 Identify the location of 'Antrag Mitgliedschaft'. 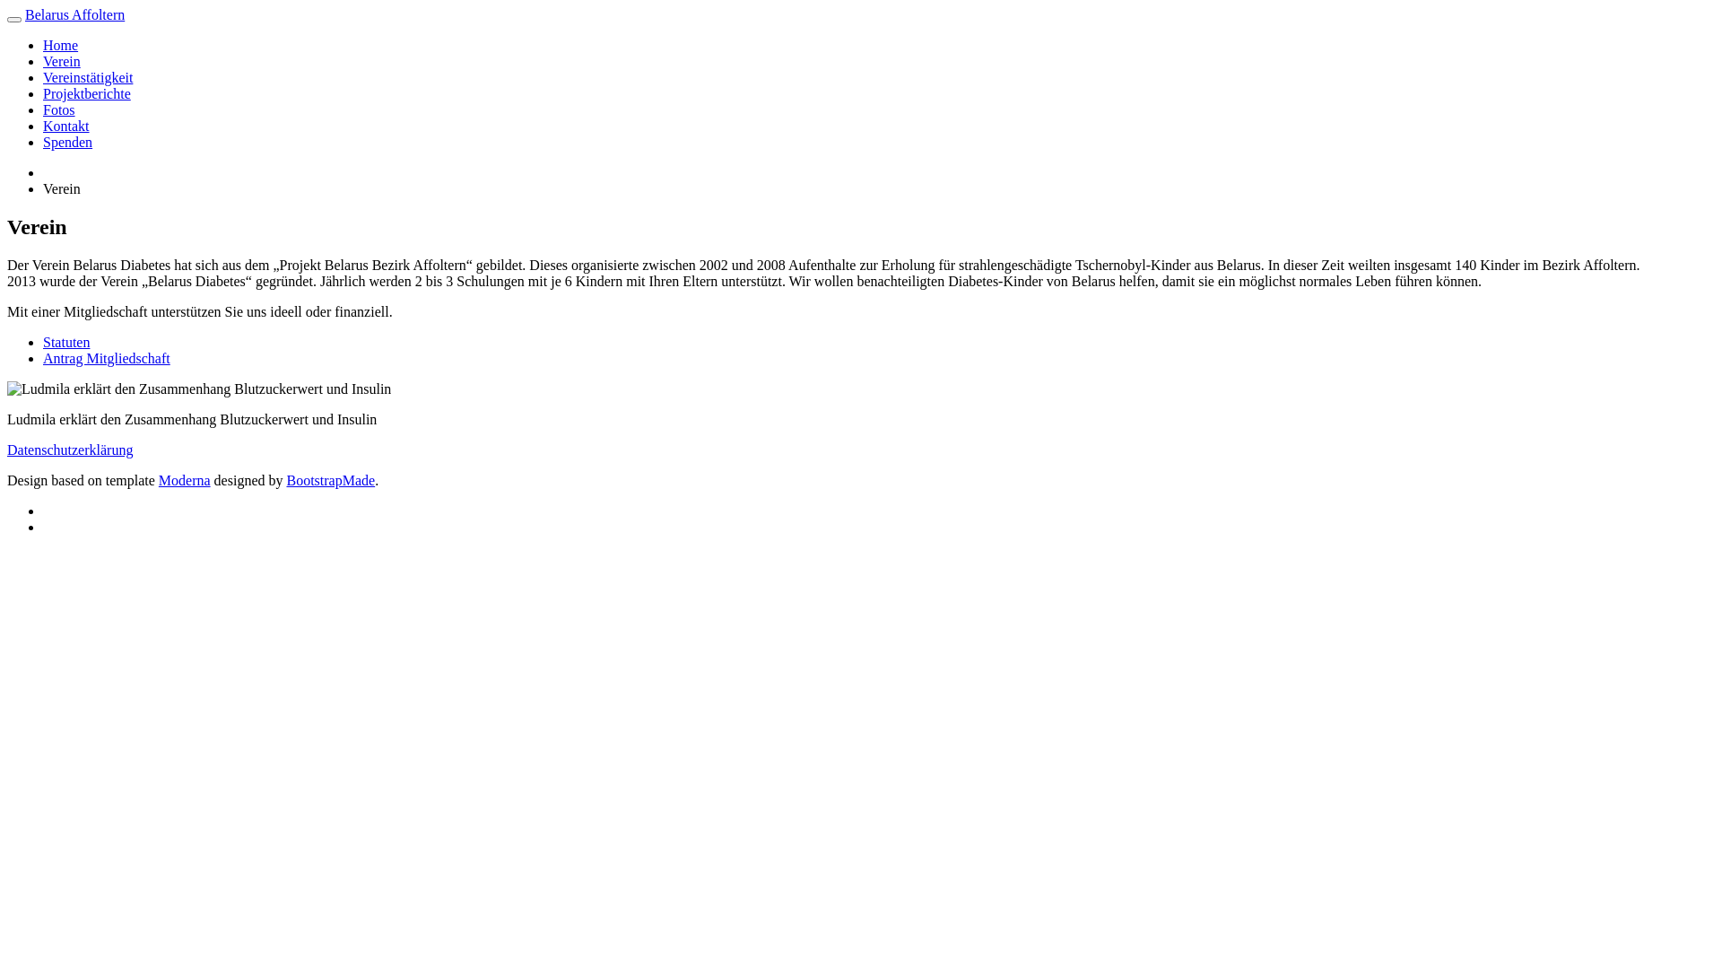
(106, 358).